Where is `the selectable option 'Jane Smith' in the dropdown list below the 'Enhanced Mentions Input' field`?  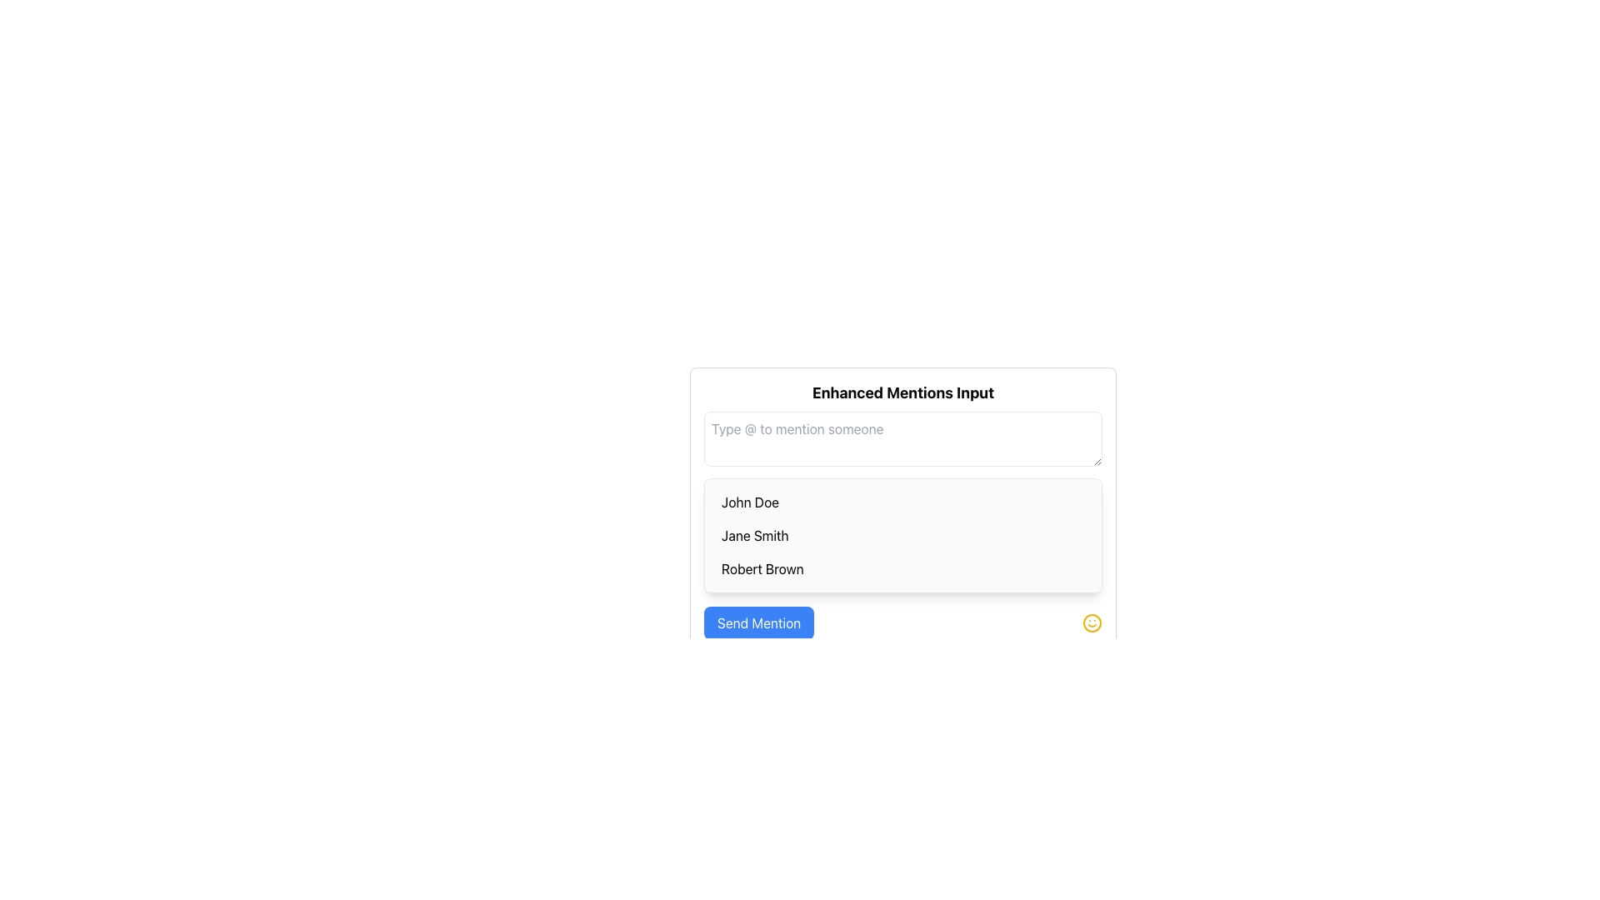
the selectable option 'Jane Smith' in the dropdown list below the 'Enhanced Mentions Input' field is located at coordinates (902, 536).